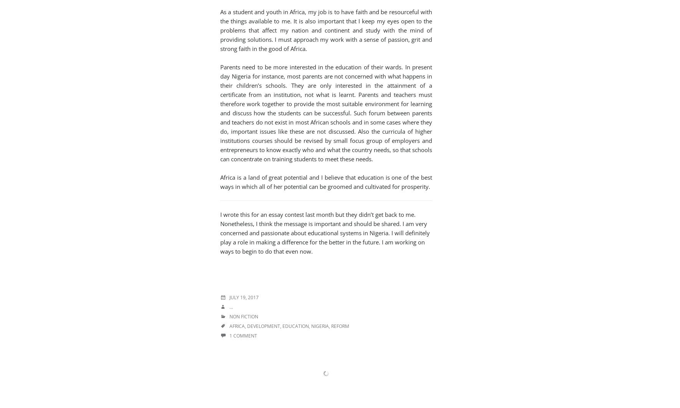 This screenshot has width=680, height=408. I want to click on 'As a student and youth in Africa, my job is to have faith and be resourceful with the things available to me. It is also important that I keep my eyes open to the problems that affect my nation and continent and study with the mind of providing solutions. I must approach my work with a sense of passion, grit and strong faith in the good of Africa.', so click(326, 30).